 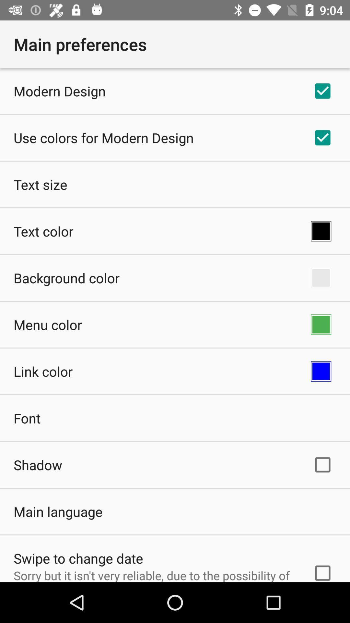 I want to click on the sorry but it icon, so click(x=155, y=575).